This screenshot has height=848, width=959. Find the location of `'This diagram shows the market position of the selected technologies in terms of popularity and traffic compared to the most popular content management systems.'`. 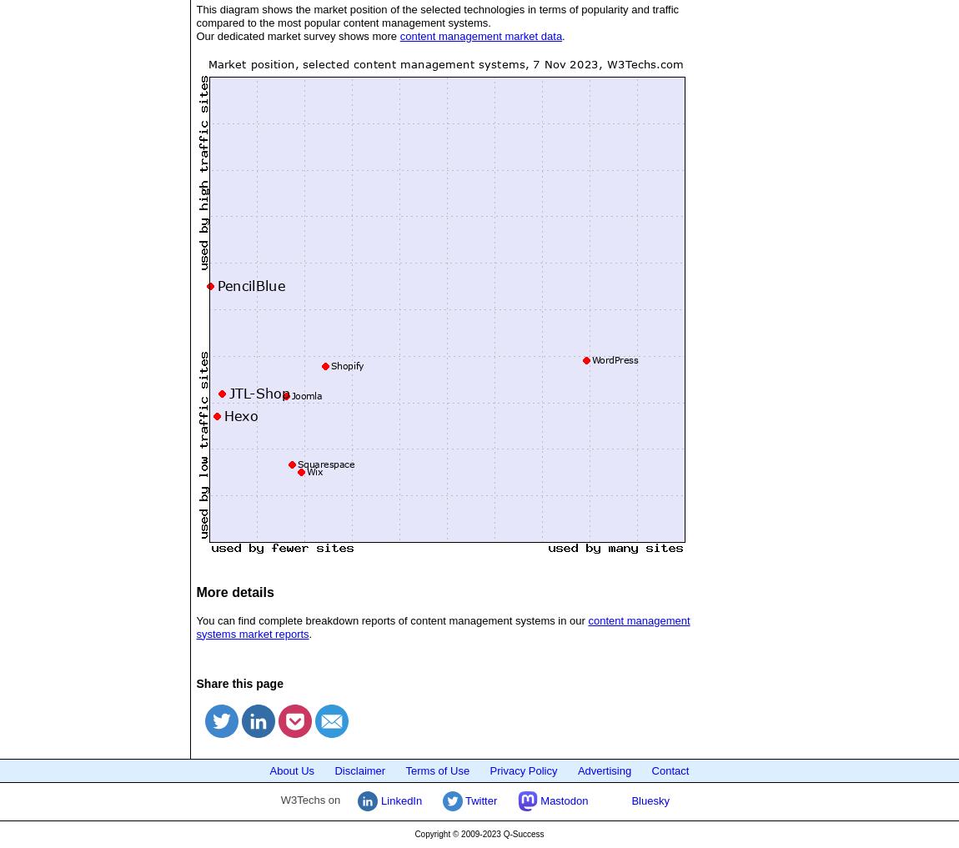

'This diagram shows the market position of the selected technologies in terms of popularity and traffic compared to the most popular content management systems.' is located at coordinates (437, 14).